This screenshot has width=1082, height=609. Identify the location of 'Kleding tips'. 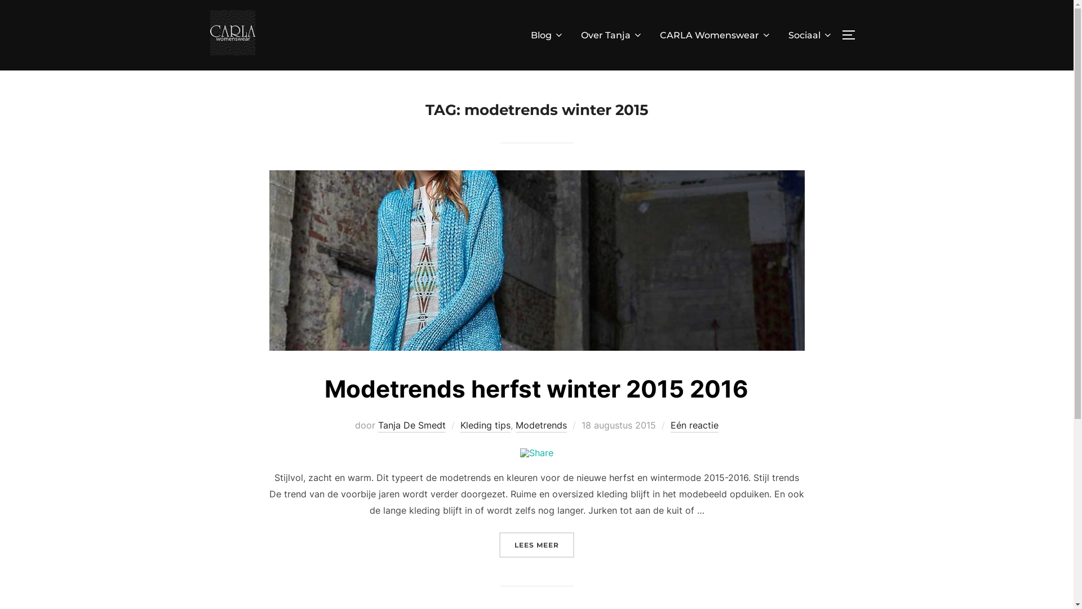
(485, 426).